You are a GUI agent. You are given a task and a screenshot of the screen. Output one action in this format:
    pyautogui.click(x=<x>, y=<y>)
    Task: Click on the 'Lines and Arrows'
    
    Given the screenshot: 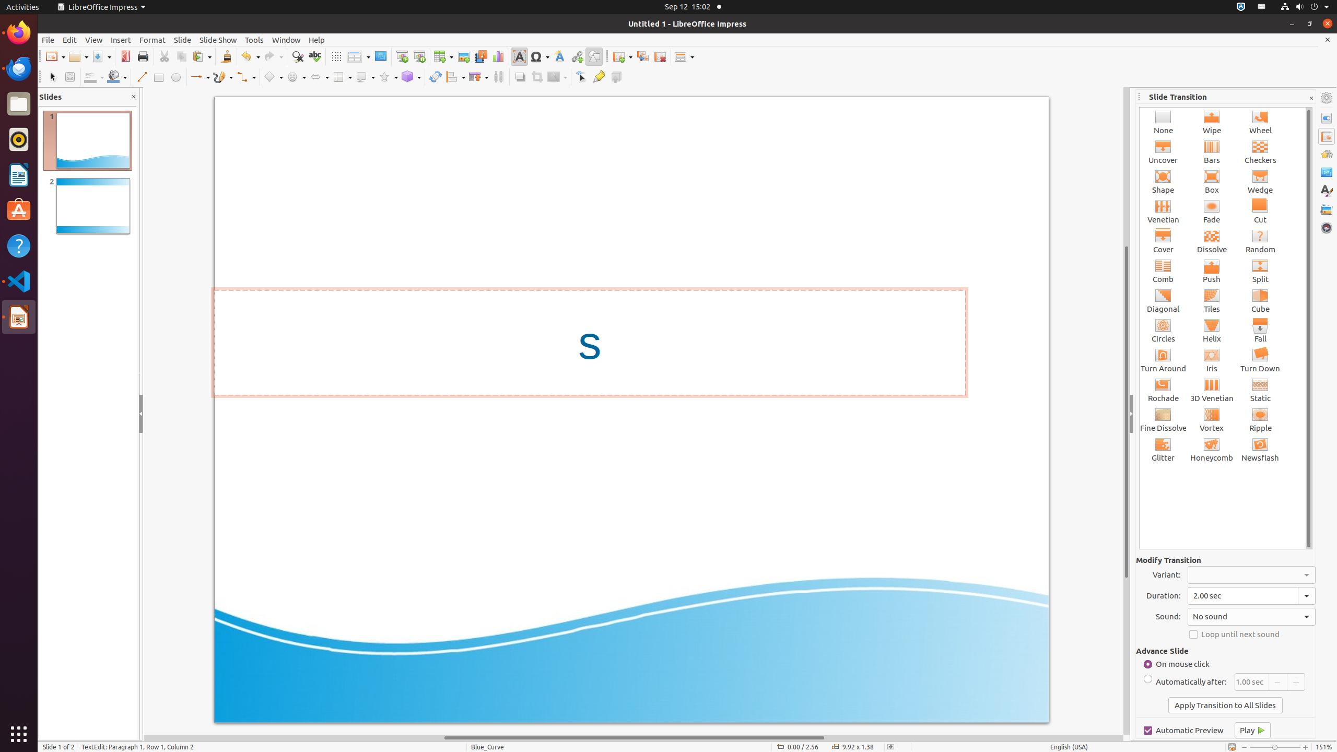 What is the action you would take?
    pyautogui.click(x=200, y=76)
    